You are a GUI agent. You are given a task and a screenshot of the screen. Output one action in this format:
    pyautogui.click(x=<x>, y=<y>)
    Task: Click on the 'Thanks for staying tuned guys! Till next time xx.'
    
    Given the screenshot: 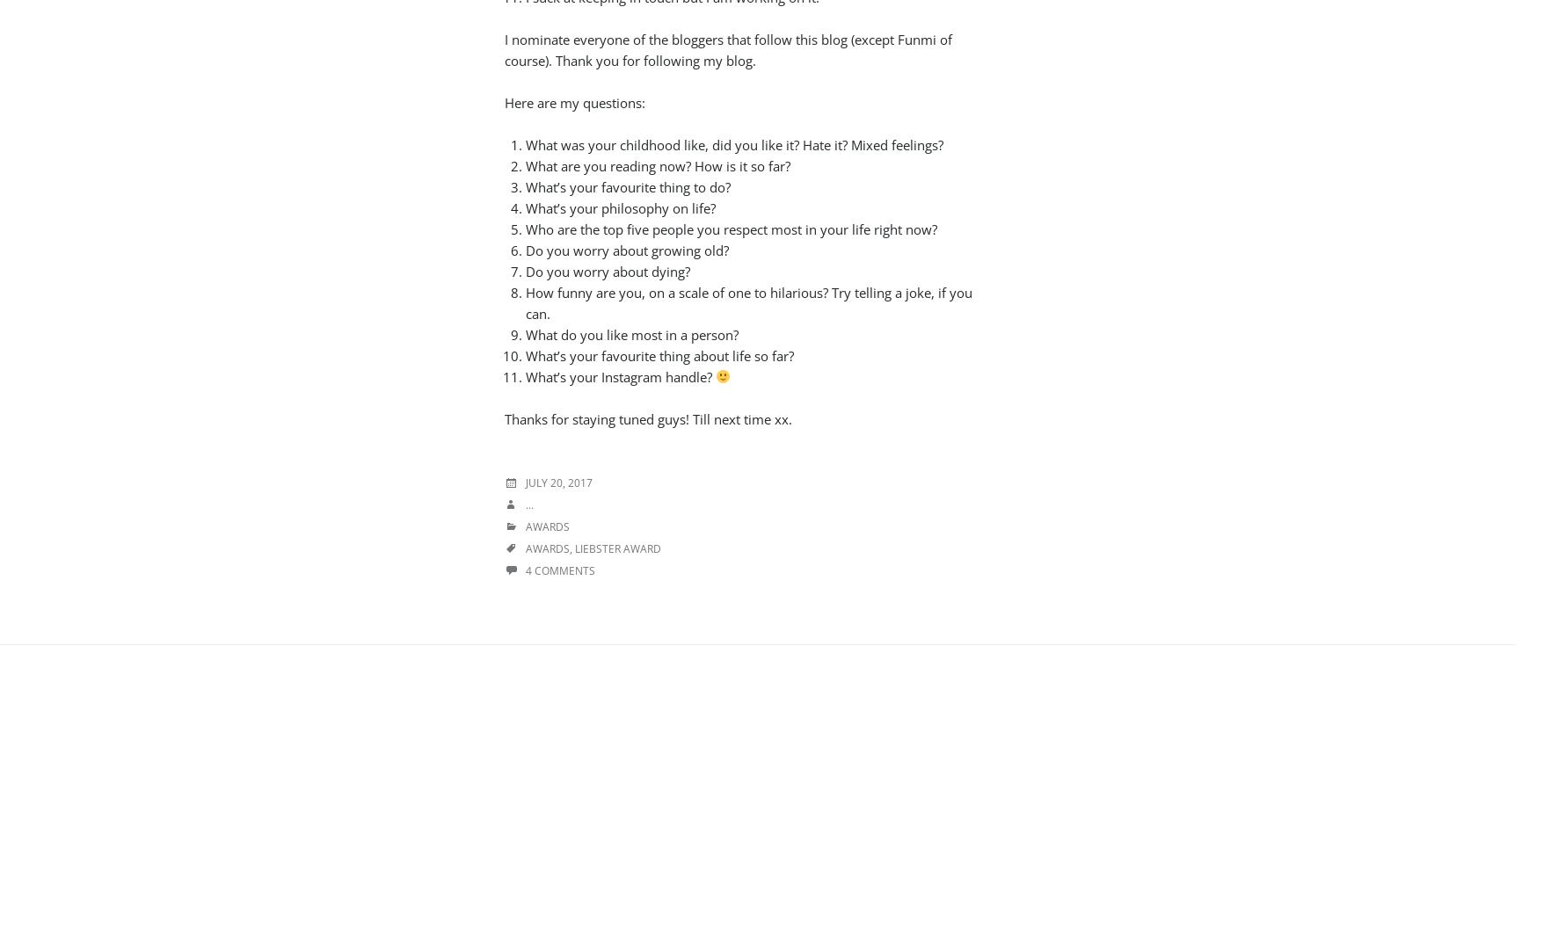 What is the action you would take?
    pyautogui.click(x=647, y=417)
    